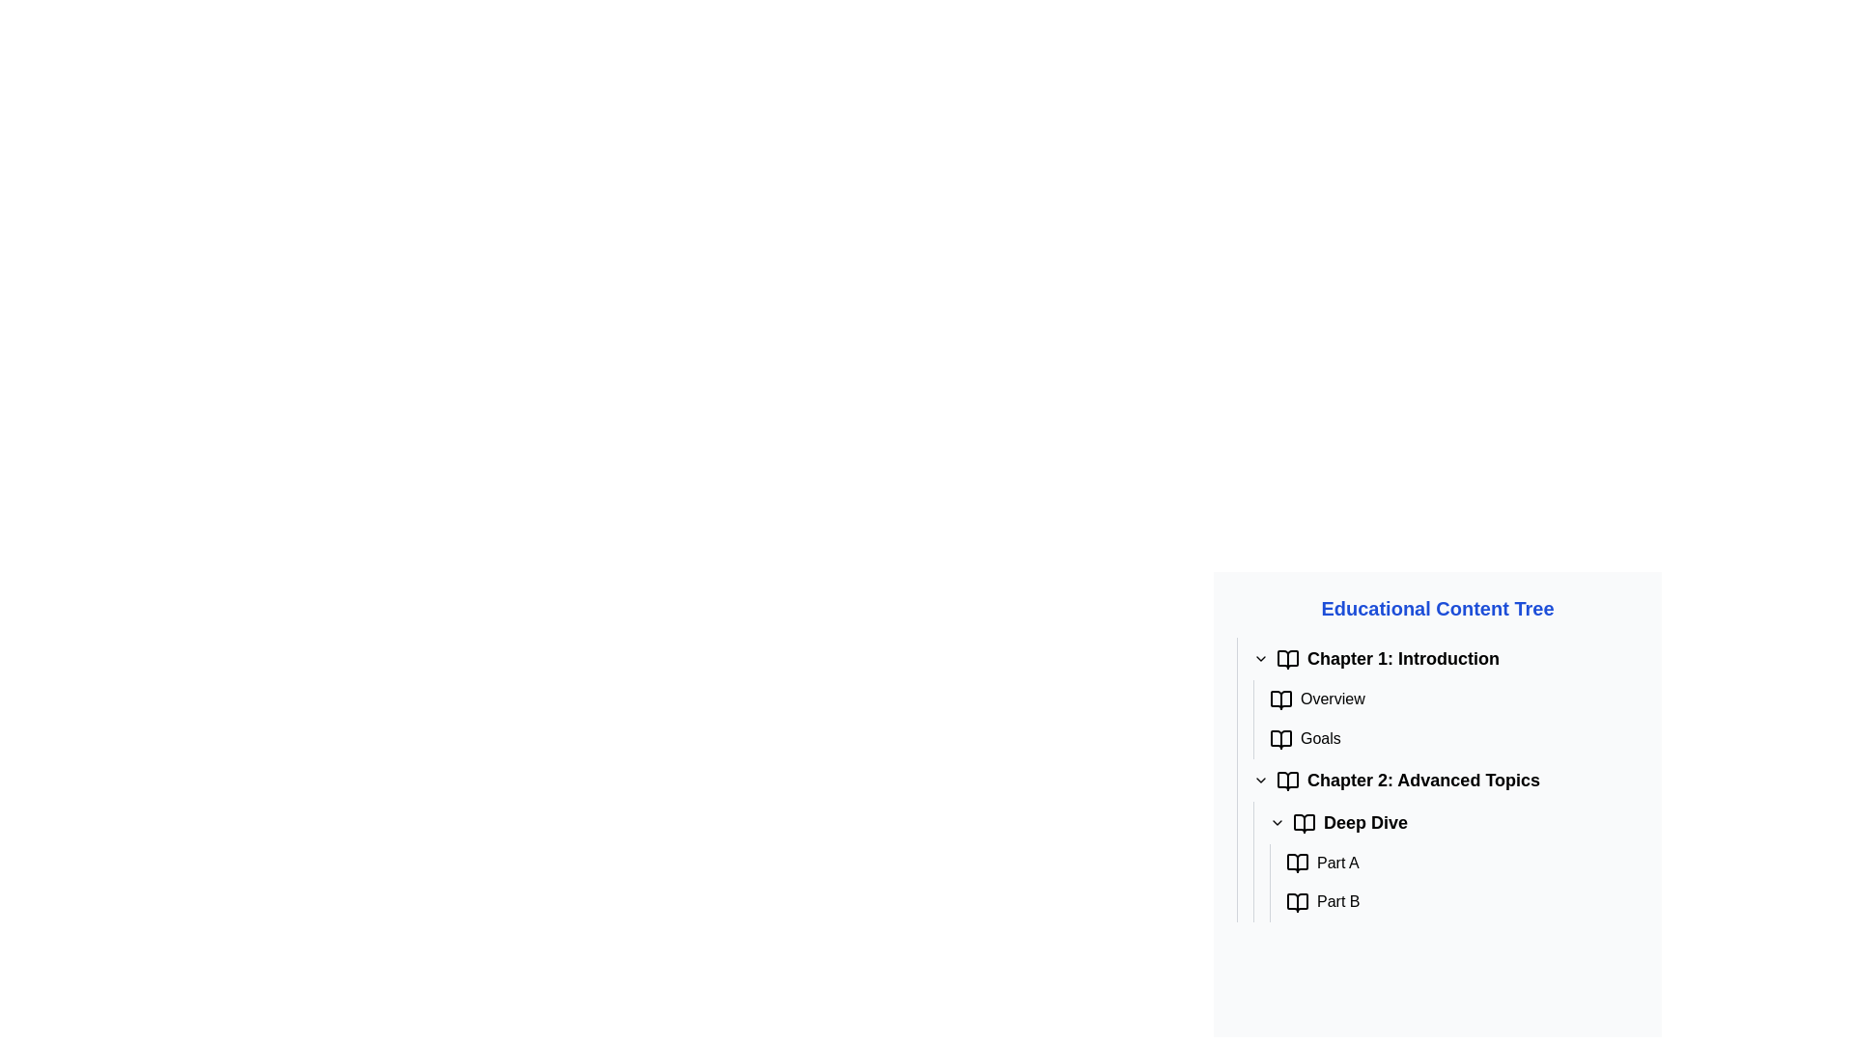 The image size is (1854, 1042). I want to click on the section header labeled 'Chapter 1: Introduction' with an open book icon, so click(1446, 657).